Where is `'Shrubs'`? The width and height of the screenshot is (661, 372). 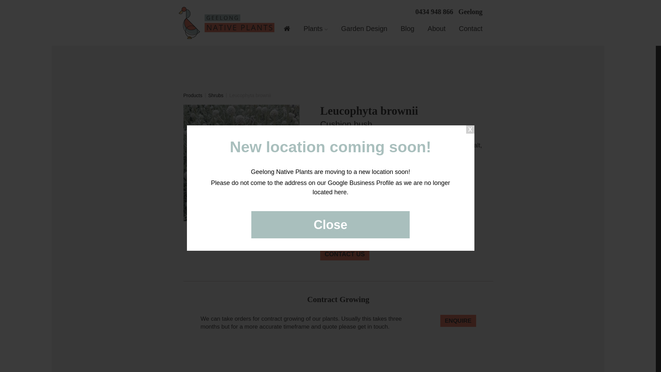
'Shrubs' is located at coordinates (216, 95).